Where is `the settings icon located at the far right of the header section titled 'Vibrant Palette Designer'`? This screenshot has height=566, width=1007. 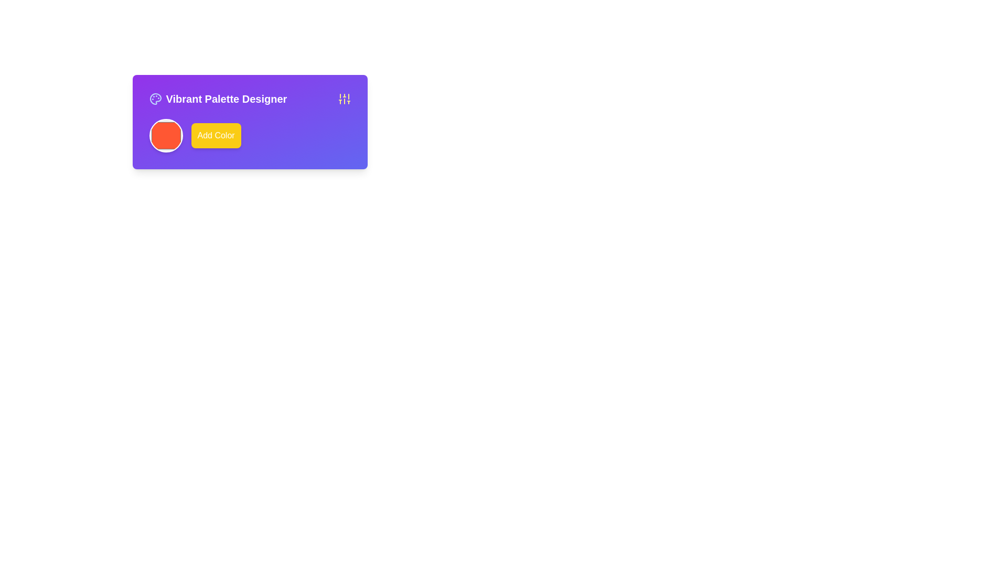
the settings icon located at the far right of the header section titled 'Vibrant Palette Designer' is located at coordinates (344, 99).